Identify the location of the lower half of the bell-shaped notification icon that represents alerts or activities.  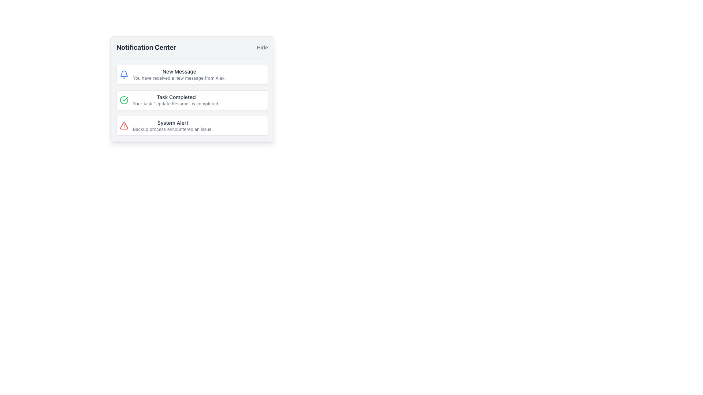
(124, 74).